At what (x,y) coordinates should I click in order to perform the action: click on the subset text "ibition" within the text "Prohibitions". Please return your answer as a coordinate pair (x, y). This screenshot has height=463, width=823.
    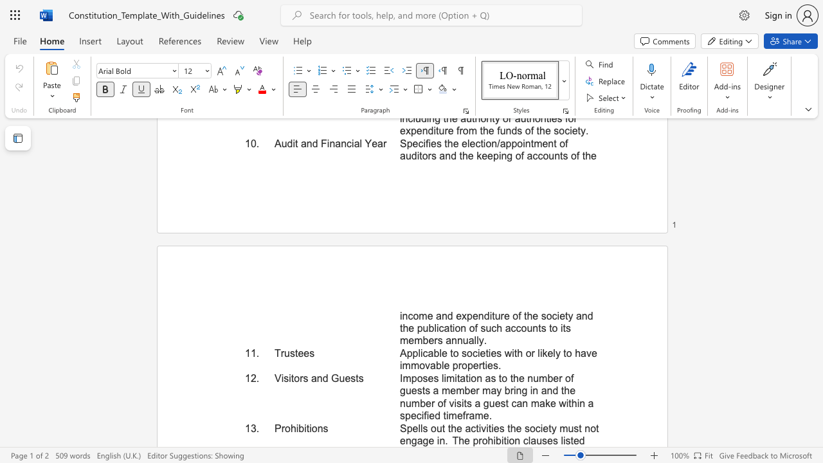
    Looking at the image, I should click on (295, 428).